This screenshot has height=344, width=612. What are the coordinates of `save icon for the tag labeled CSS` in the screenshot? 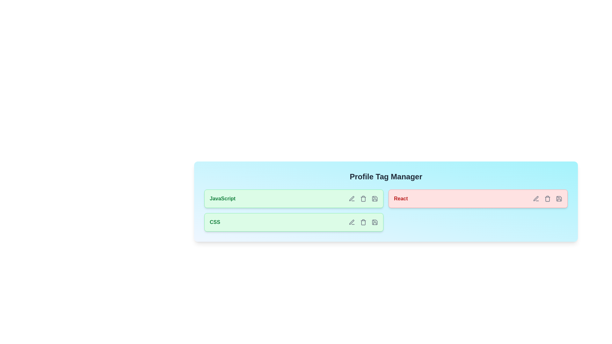 It's located at (375, 222).